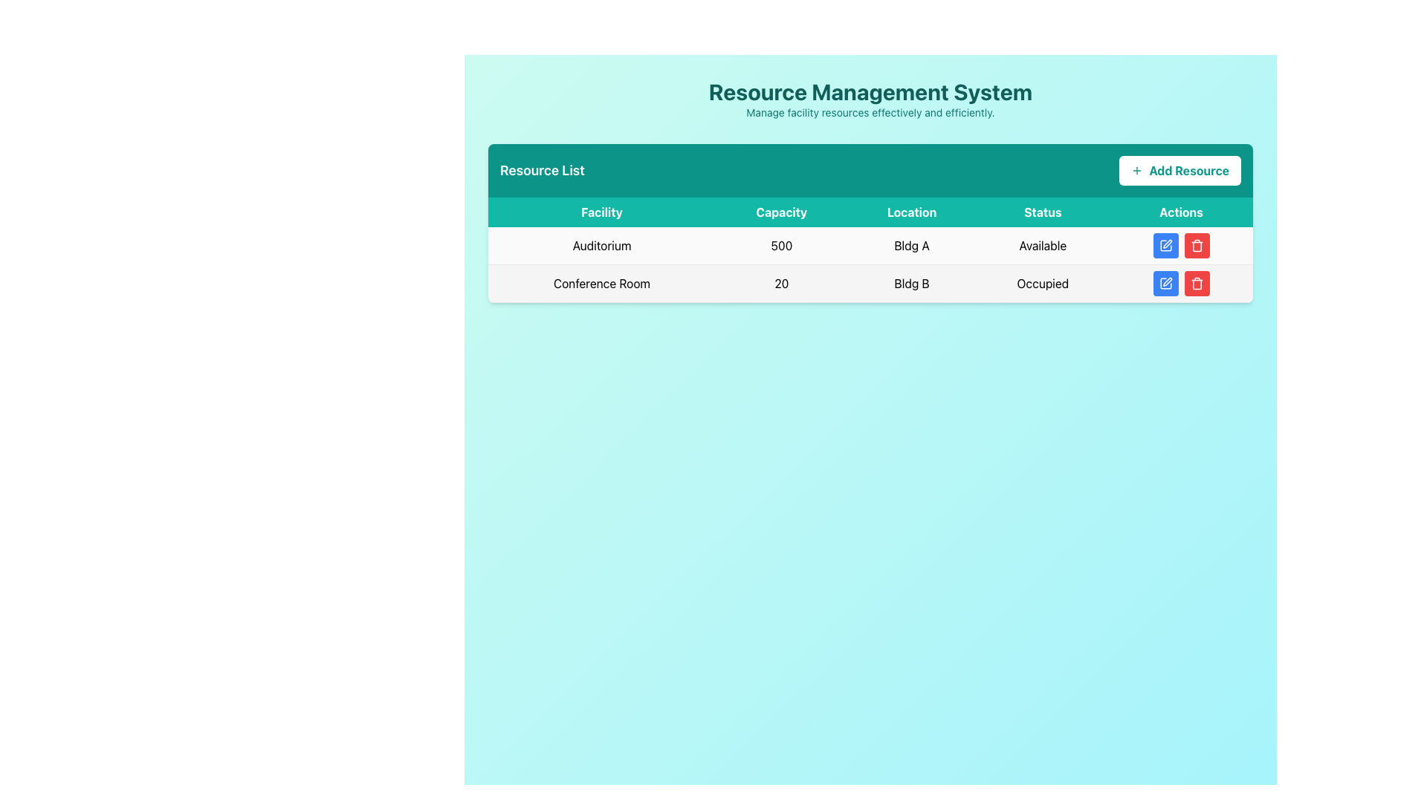  Describe the element at coordinates (1165, 283) in the screenshot. I see `the 'Edit' button in the 'Actions' column of the second row in the resource table` at that location.